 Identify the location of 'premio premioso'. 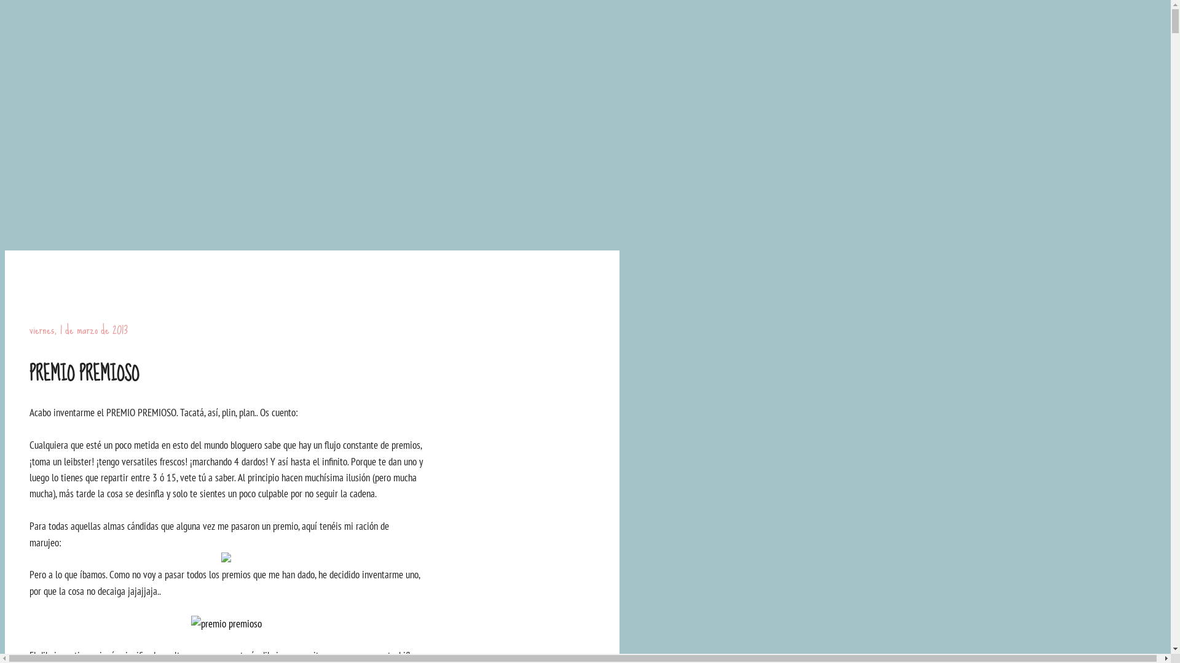
(226, 622).